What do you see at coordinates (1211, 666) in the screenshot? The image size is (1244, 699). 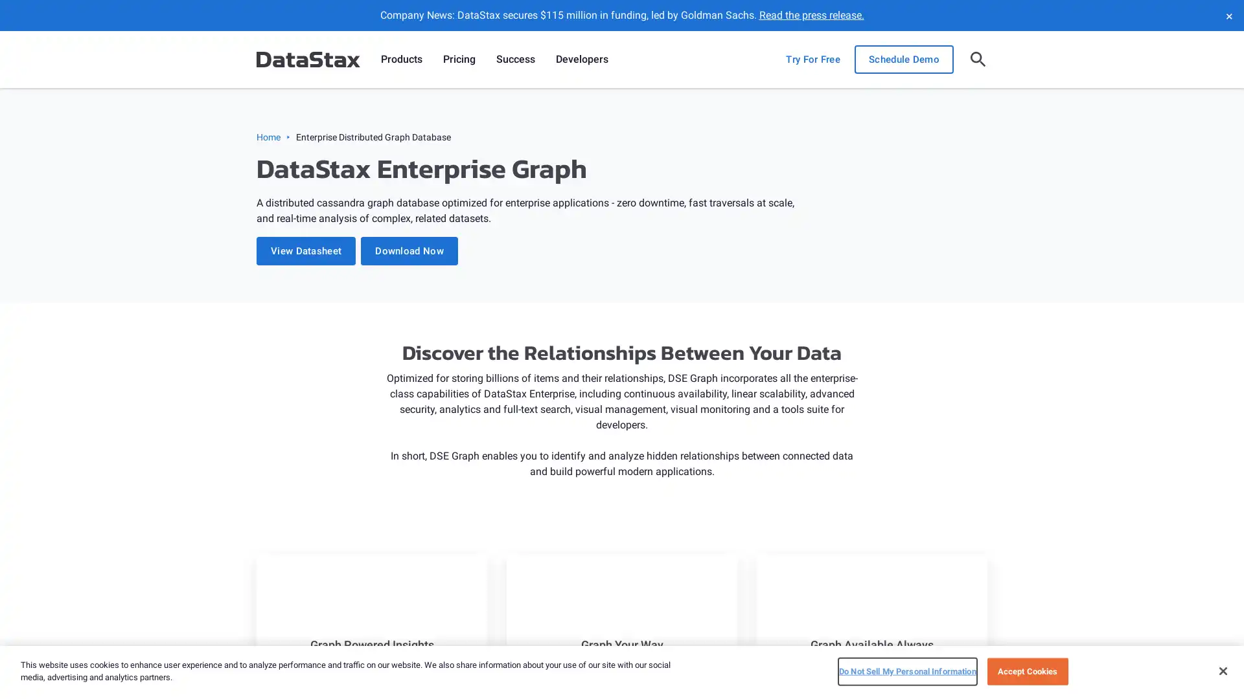 I see `Open Intercom Messenger` at bounding box center [1211, 666].